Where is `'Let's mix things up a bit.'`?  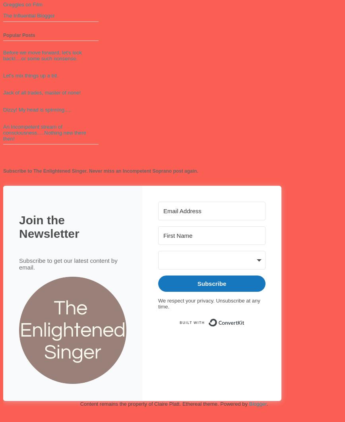 'Let's mix things up a bit.' is located at coordinates (31, 75).